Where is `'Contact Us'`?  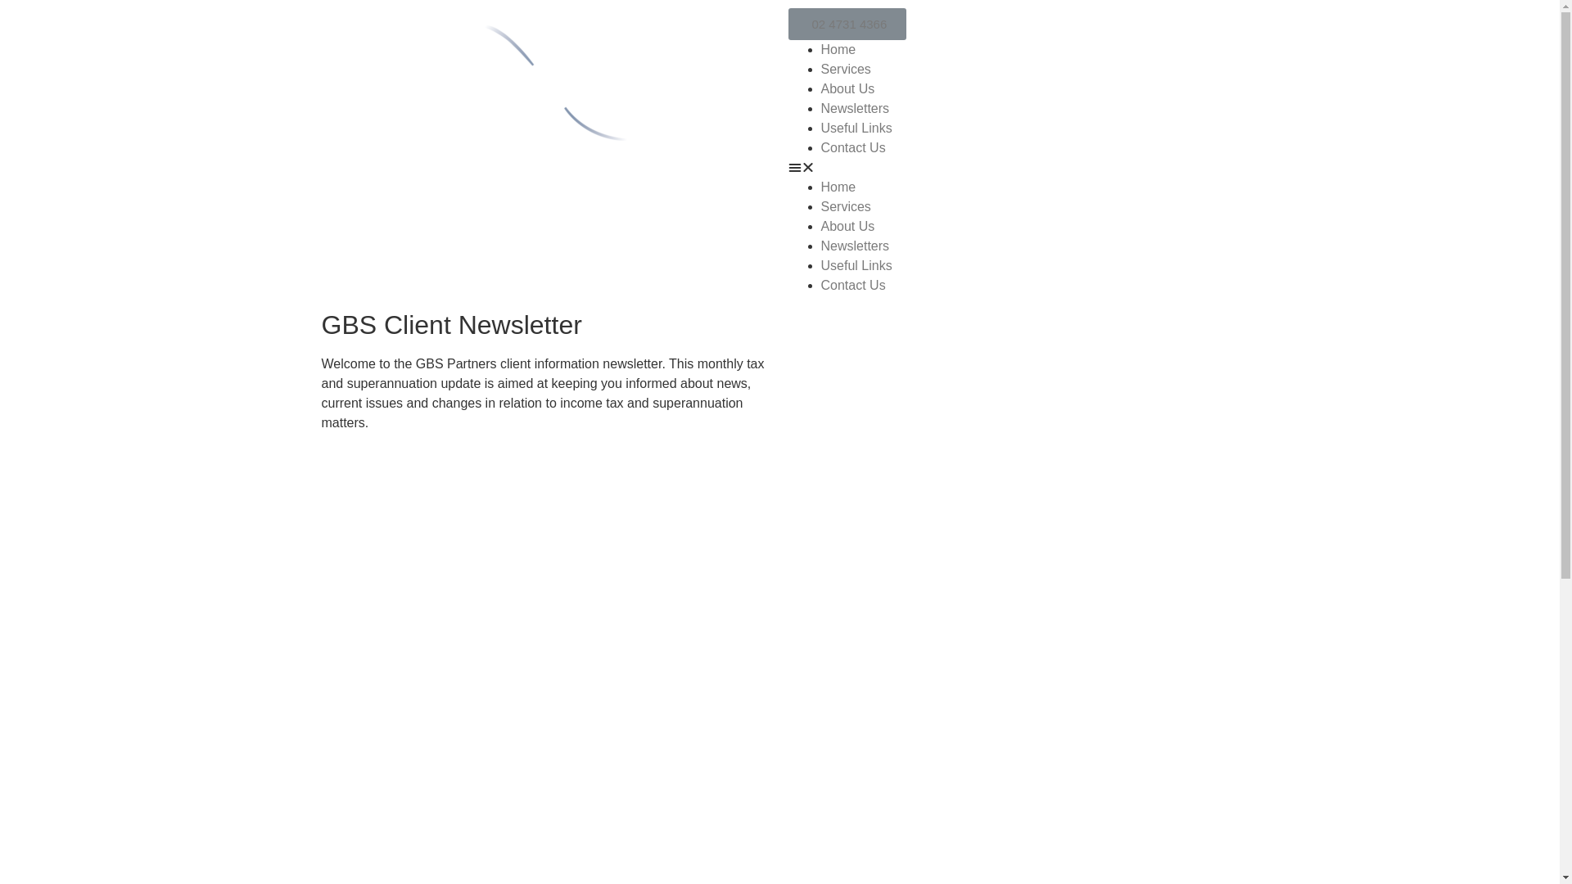 'Contact Us' is located at coordinates (851, 284).